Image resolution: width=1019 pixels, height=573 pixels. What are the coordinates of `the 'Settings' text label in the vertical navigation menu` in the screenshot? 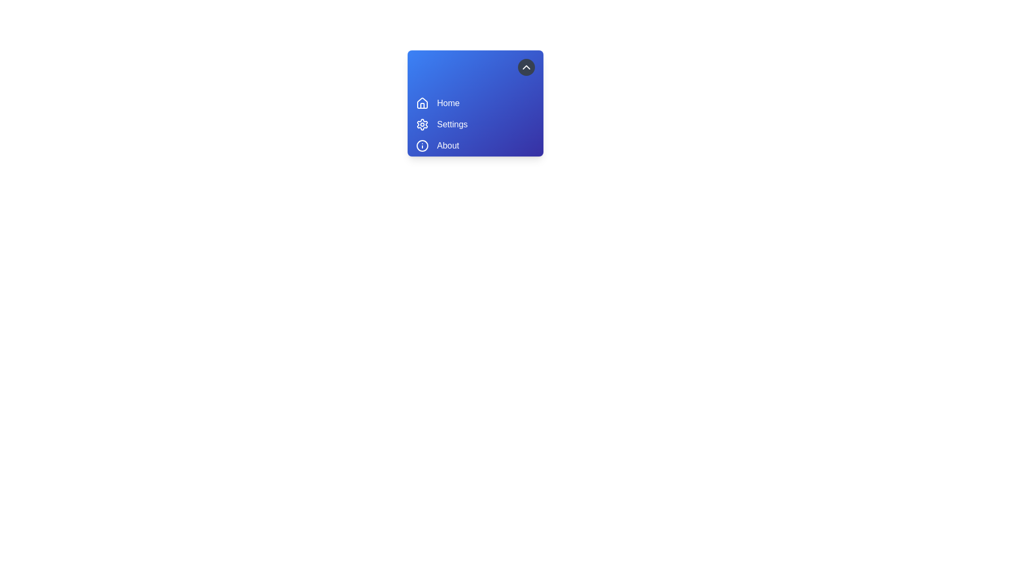 It's located at (452, 124).